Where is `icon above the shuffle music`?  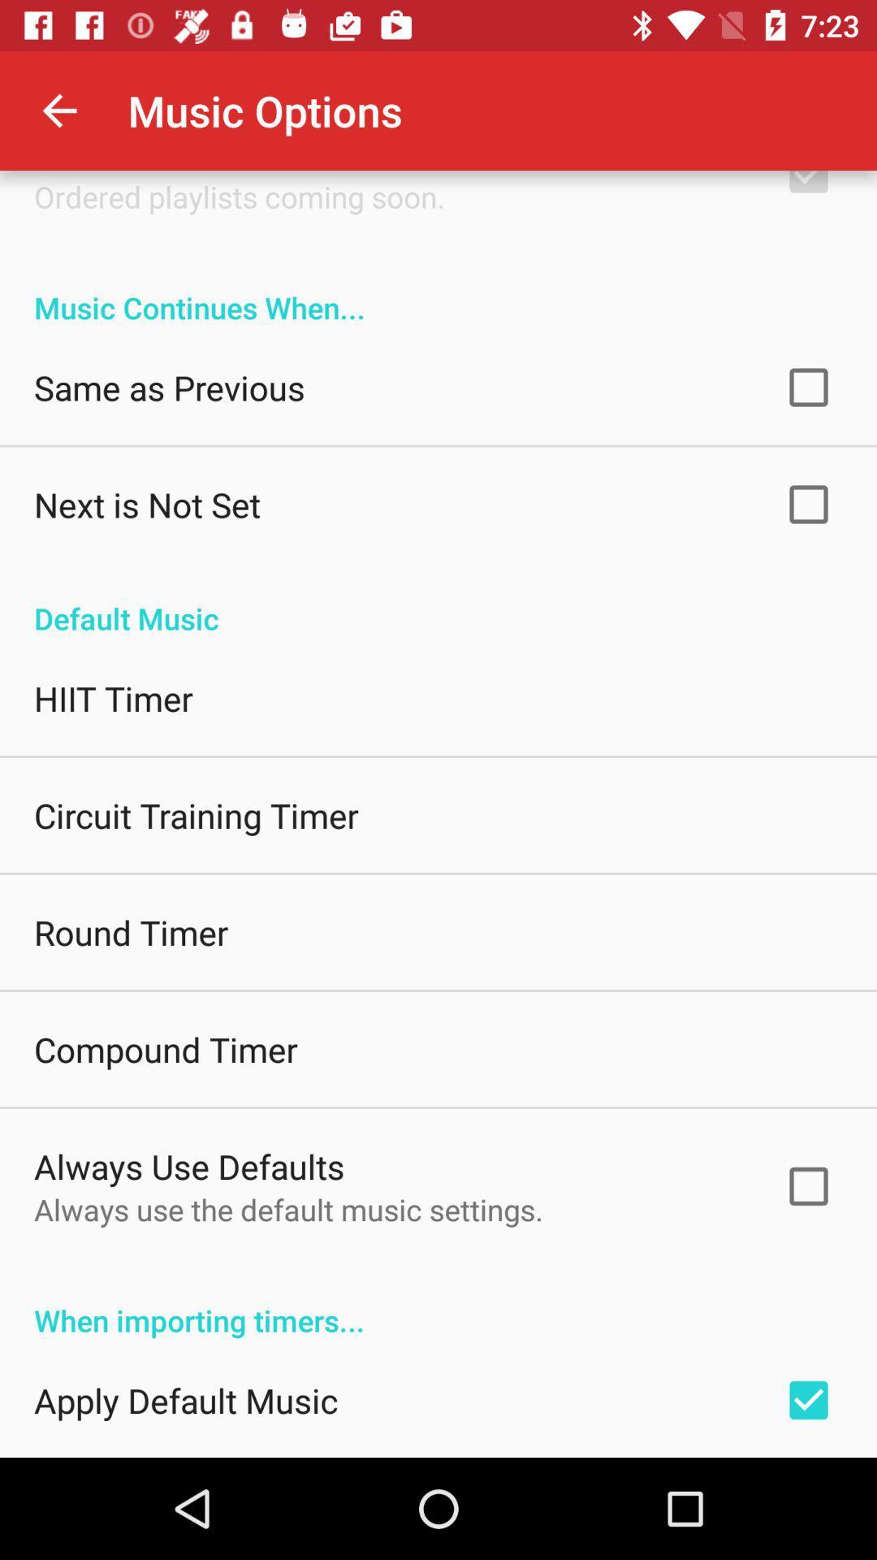
icon above the shuffle music is located at coordinates (58, 110).